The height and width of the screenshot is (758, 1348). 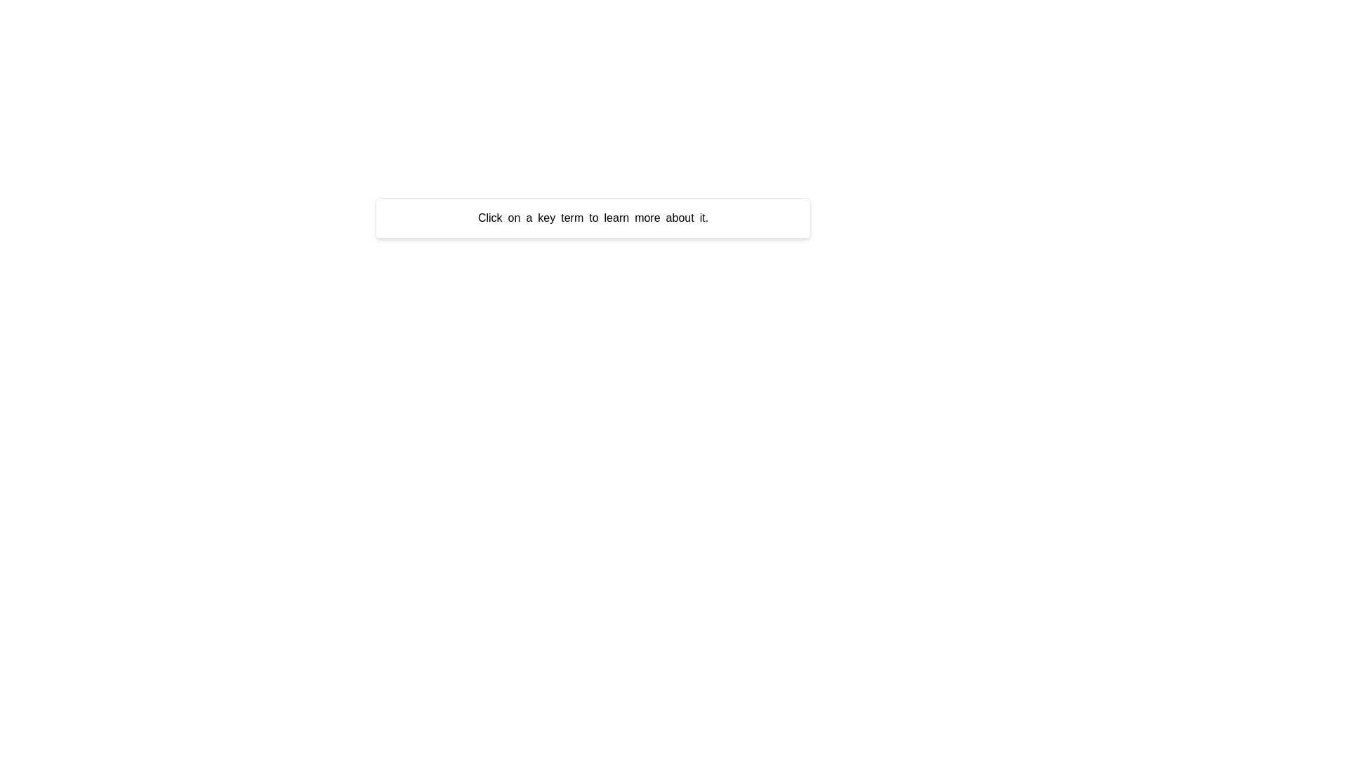 I want to click on the third word in the instruction text that follows 'Click' and 'on', and precedes 'key', 'term', and other subsequent words, which is marked as non-interactive, so click(x=528, y=218).